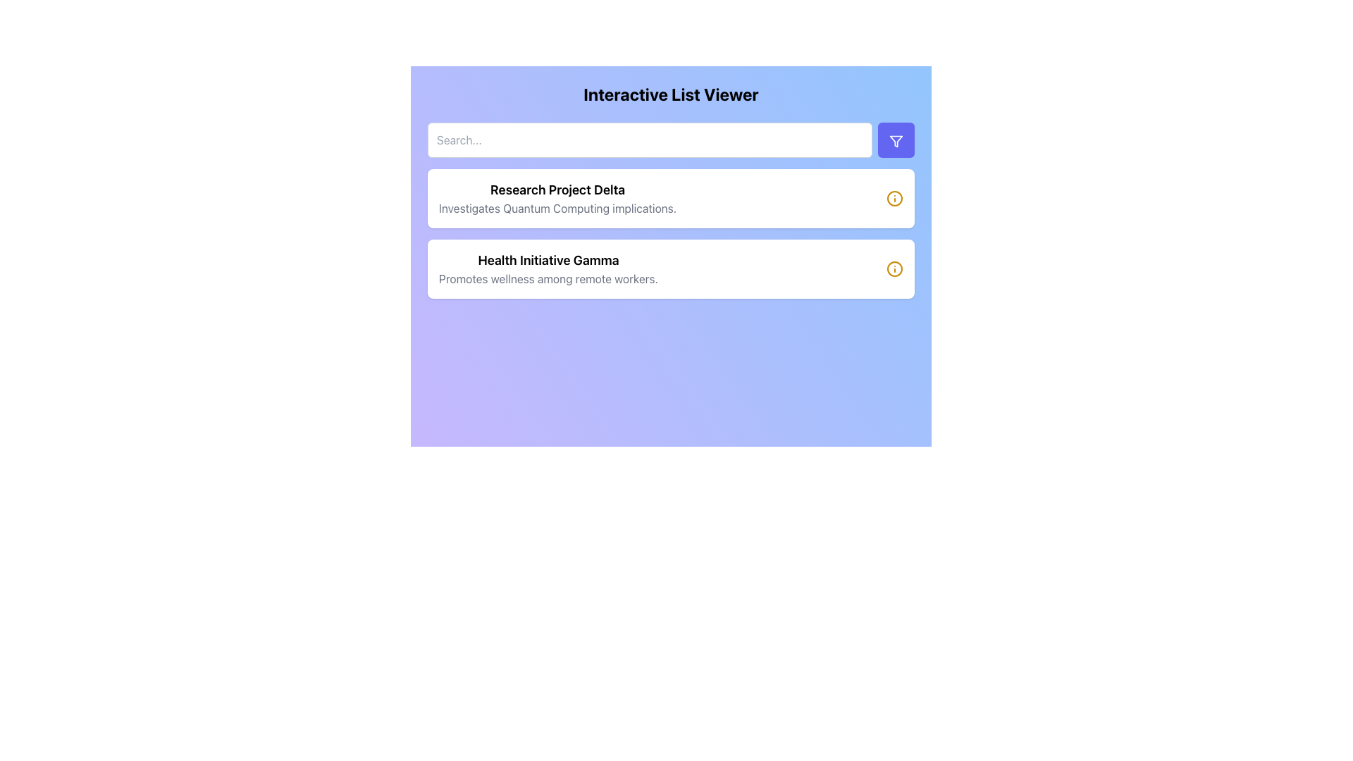 This screenshot has height=761, width=1353. Describe the element at coordinates (557, 209) in the screenshot. I see `the text element that contains the phrase 'Investigates Quantum Computing implications.' for accessibility` at that location.